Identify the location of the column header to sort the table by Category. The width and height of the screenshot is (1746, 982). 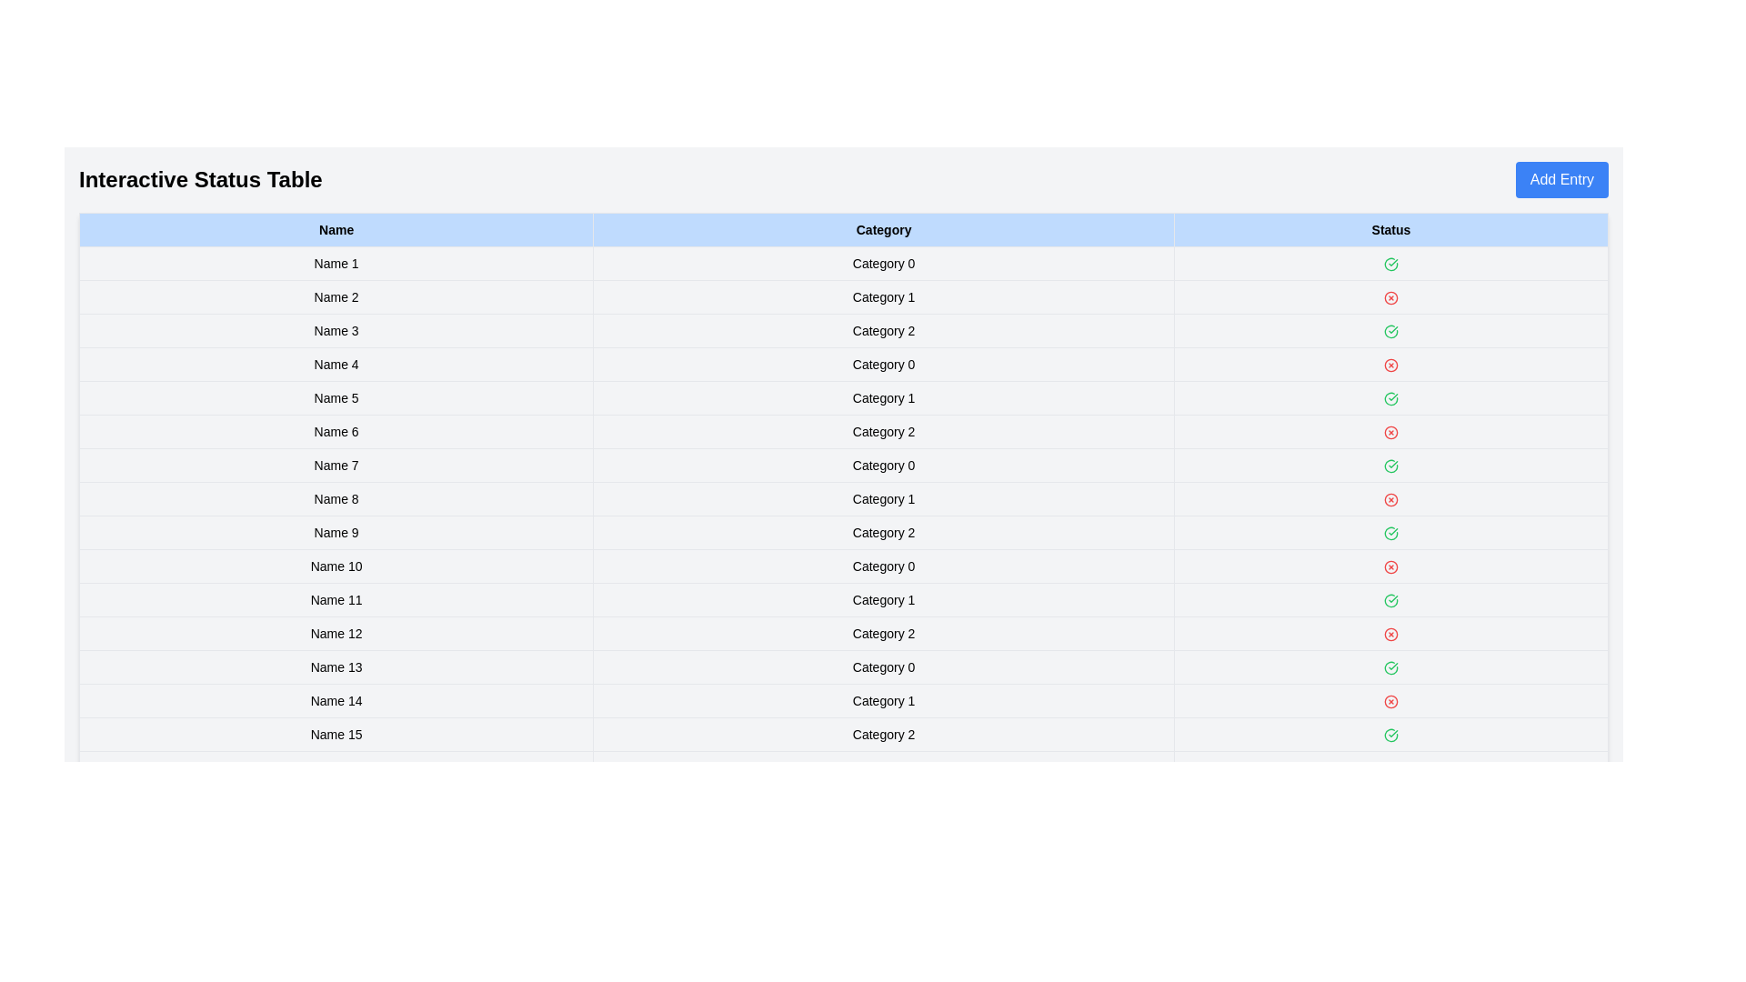
(883, 229).